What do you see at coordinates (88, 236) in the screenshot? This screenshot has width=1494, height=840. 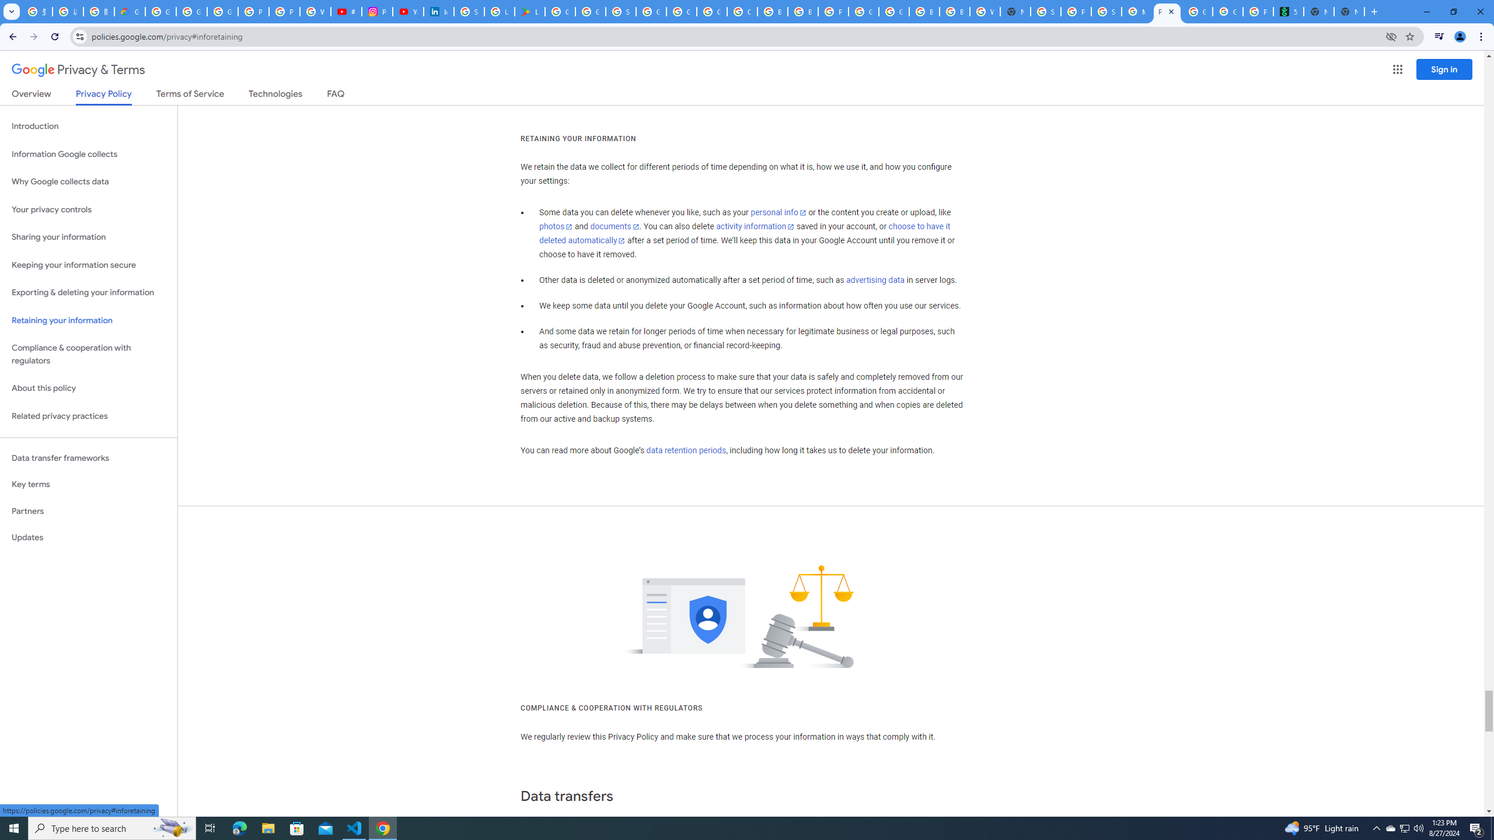 I see `'Sharing your information'` at bounding box center [88, 236].